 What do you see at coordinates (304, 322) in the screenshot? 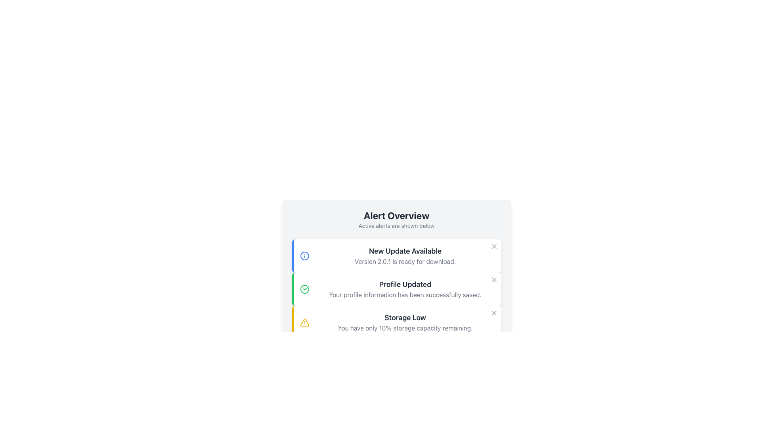
I see `the warning icon located at the far left of the 'Storage Low' alert card, which serves as a visual indicator for a warning or alert` at bounding box center [304, 322].